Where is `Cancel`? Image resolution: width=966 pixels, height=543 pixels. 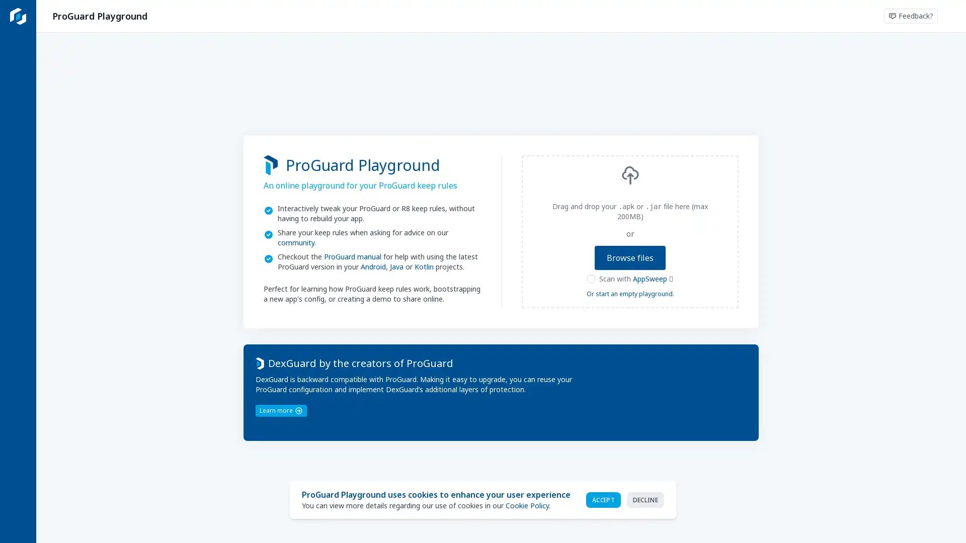 Cancel is located at coordinates (579, 358).